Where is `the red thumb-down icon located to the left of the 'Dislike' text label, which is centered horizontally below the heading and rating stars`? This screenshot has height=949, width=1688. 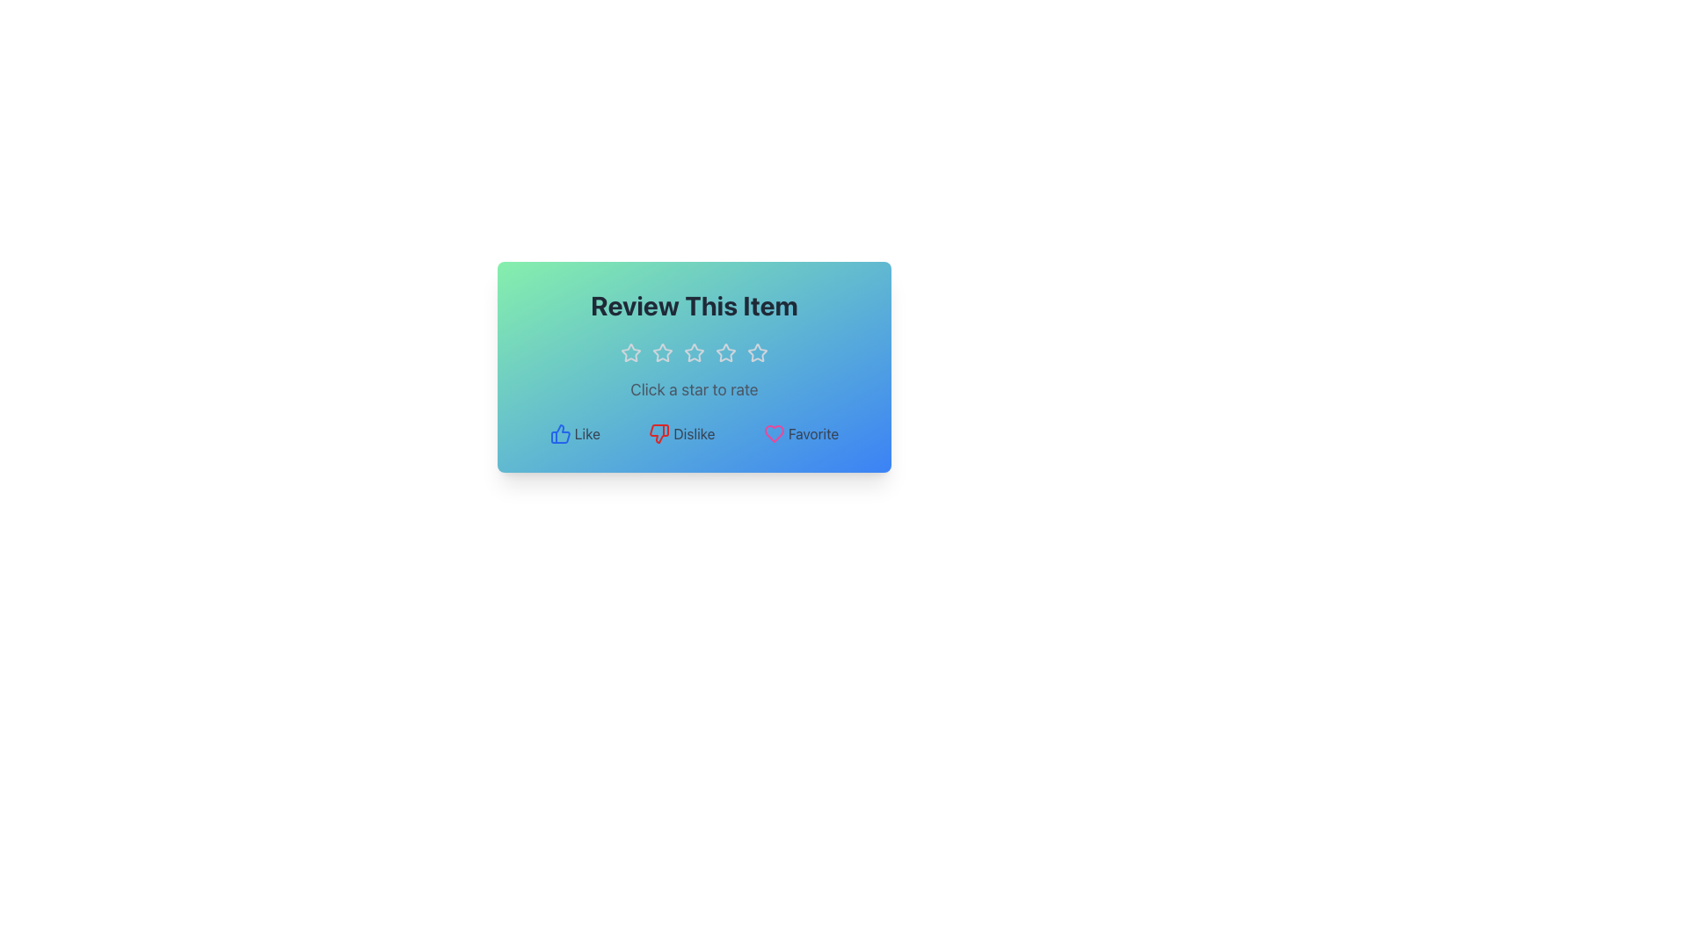 the red thumb-down icon located to the left of the 'Dislike' text label, which is centered horizontally below the heading and rating stars is located at coordinates (658, 433).